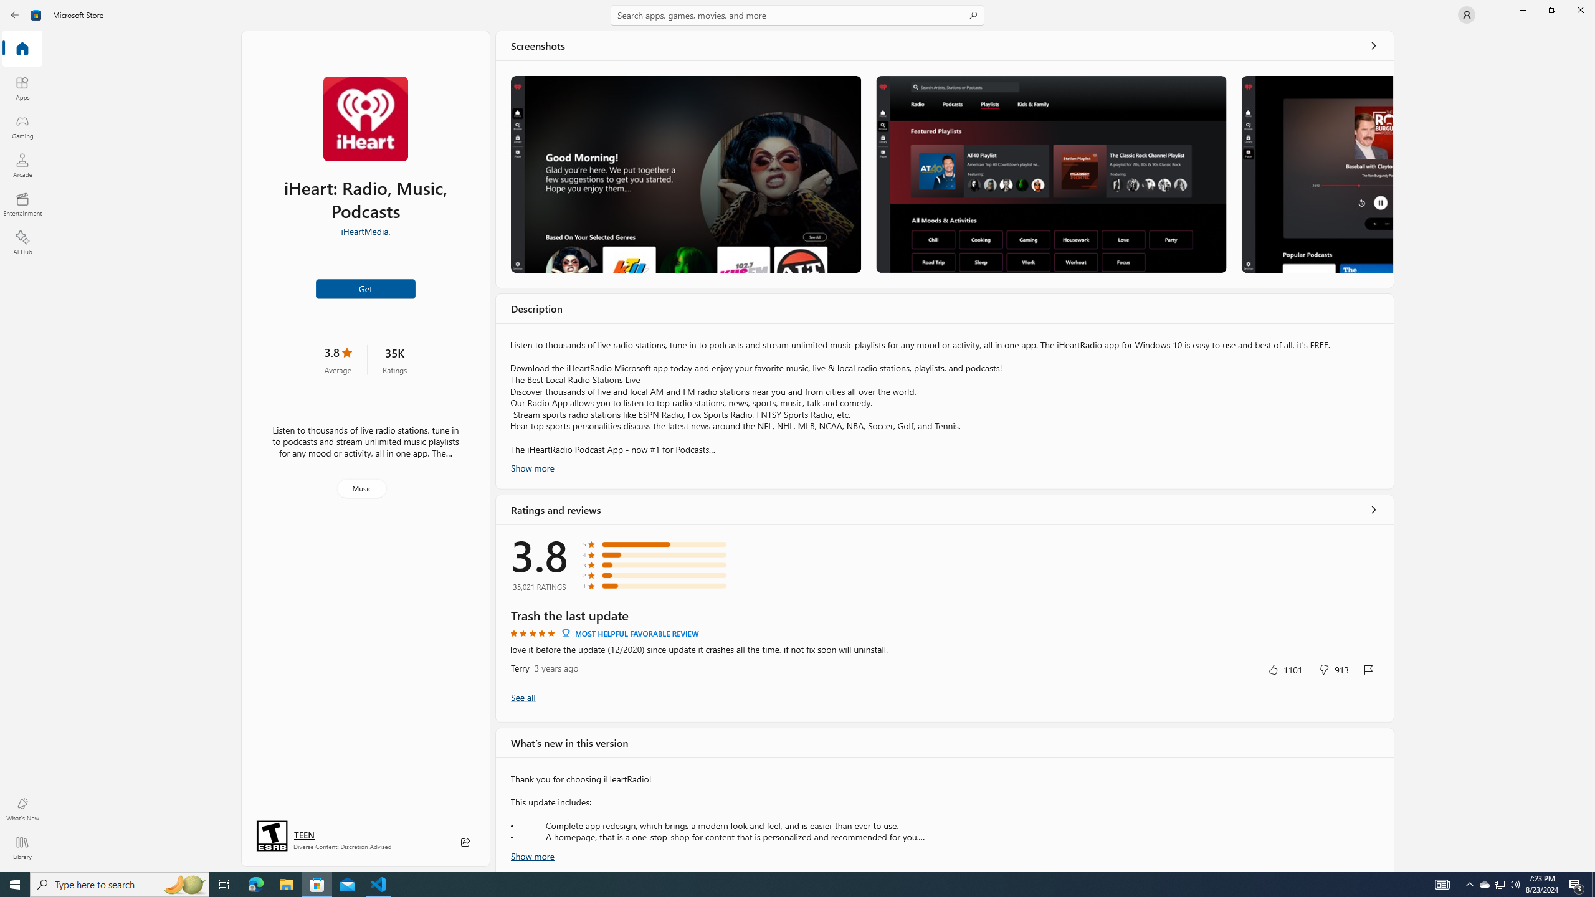  I want to click on 'Home', so click(21, 49).